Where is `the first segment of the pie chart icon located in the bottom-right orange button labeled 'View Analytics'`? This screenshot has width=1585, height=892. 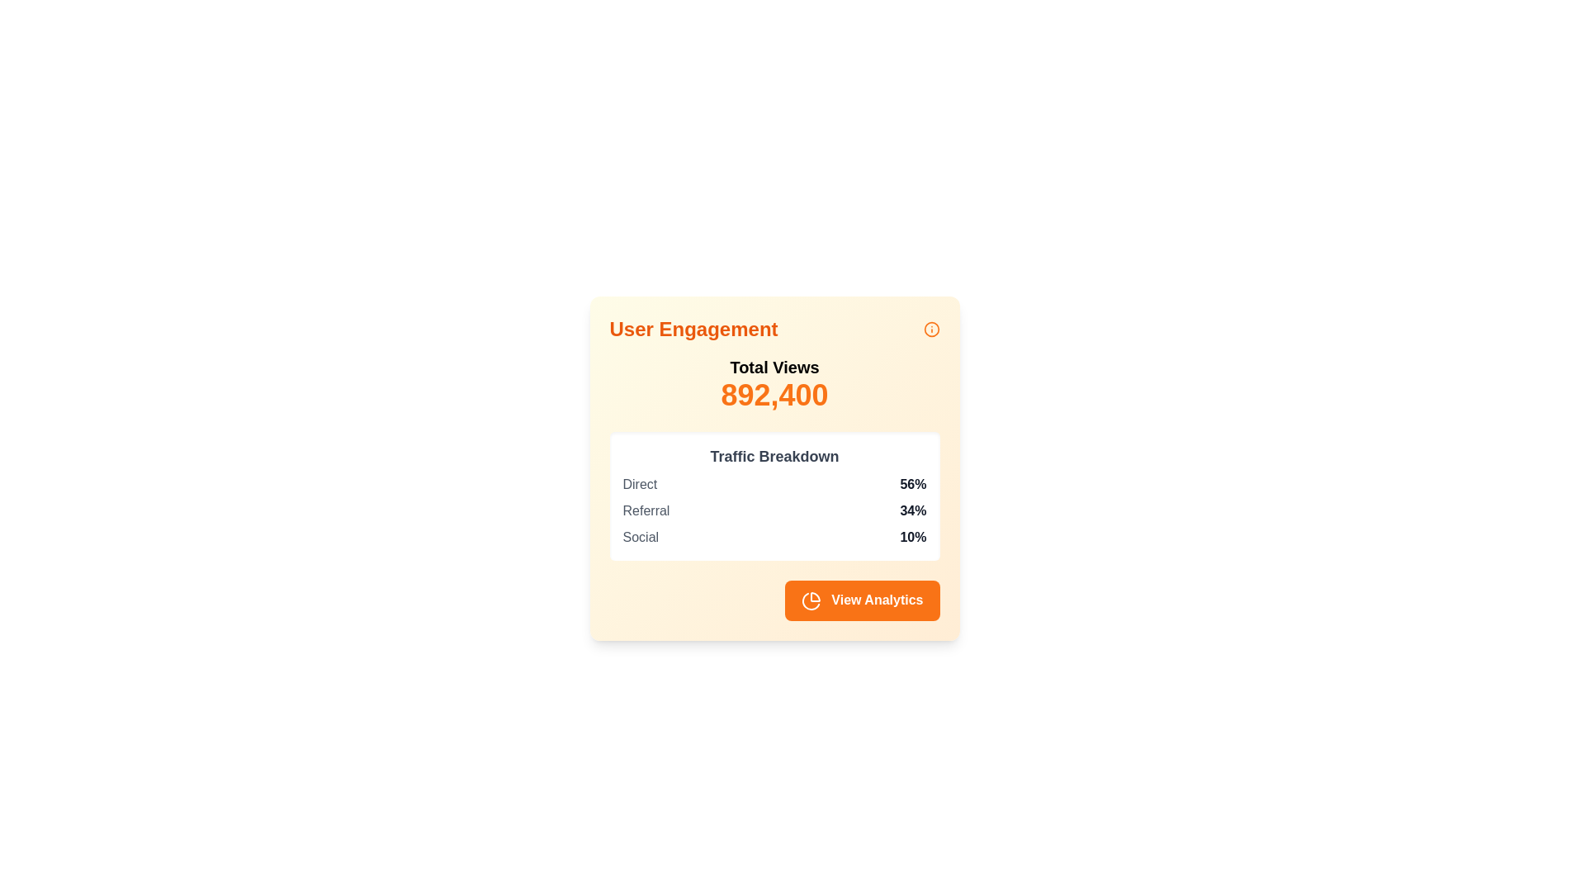
the first segment of the pie chart icon located in the bottom-right orange button labeled 'View Analytics' is located at coordinates (815, 596).